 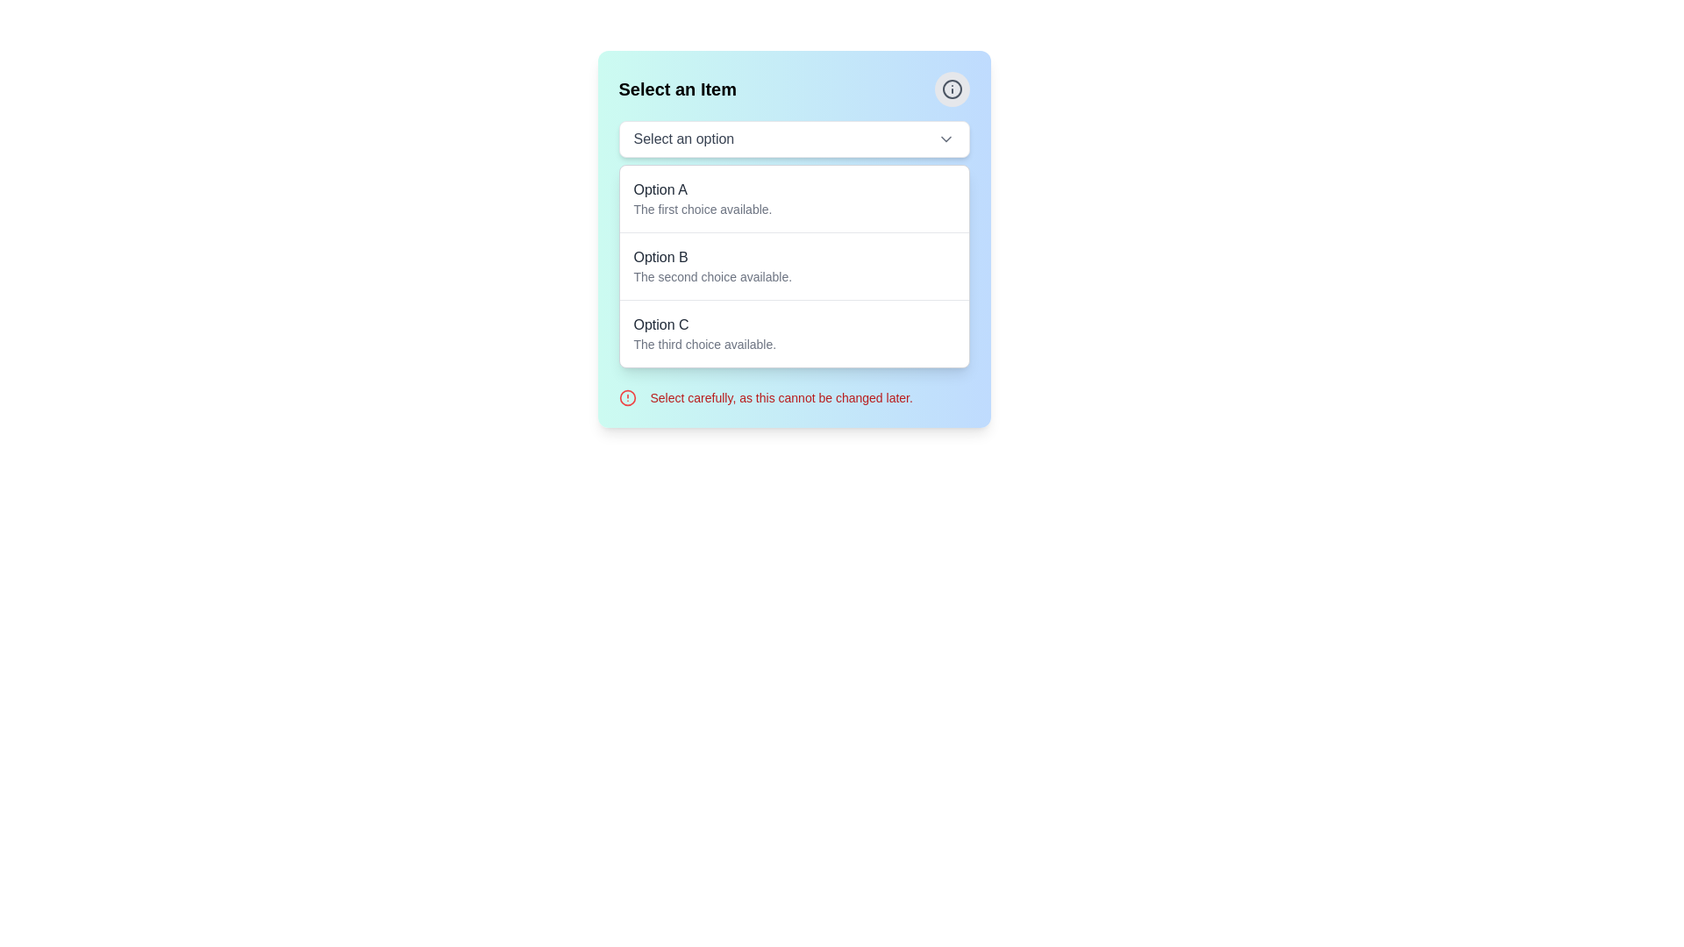 I want to click on the Text label that serves as the title for the first option in the drop-down list, which helps users identify the choice, so click(x=660, y=189).